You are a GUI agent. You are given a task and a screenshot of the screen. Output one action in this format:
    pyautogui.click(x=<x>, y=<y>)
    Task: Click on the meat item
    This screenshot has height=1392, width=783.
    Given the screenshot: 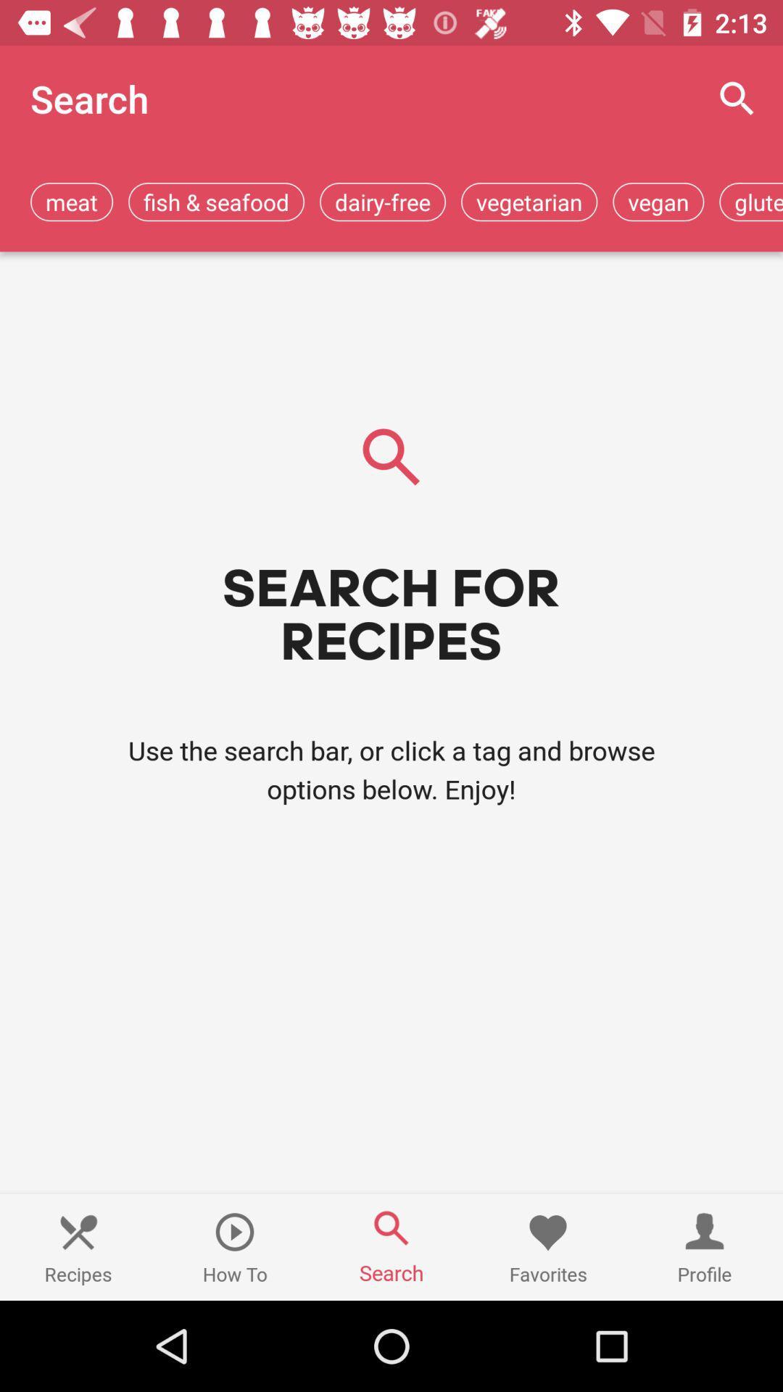 What is the action you would take?
    pyautogui.click(x=72, y=201)
    